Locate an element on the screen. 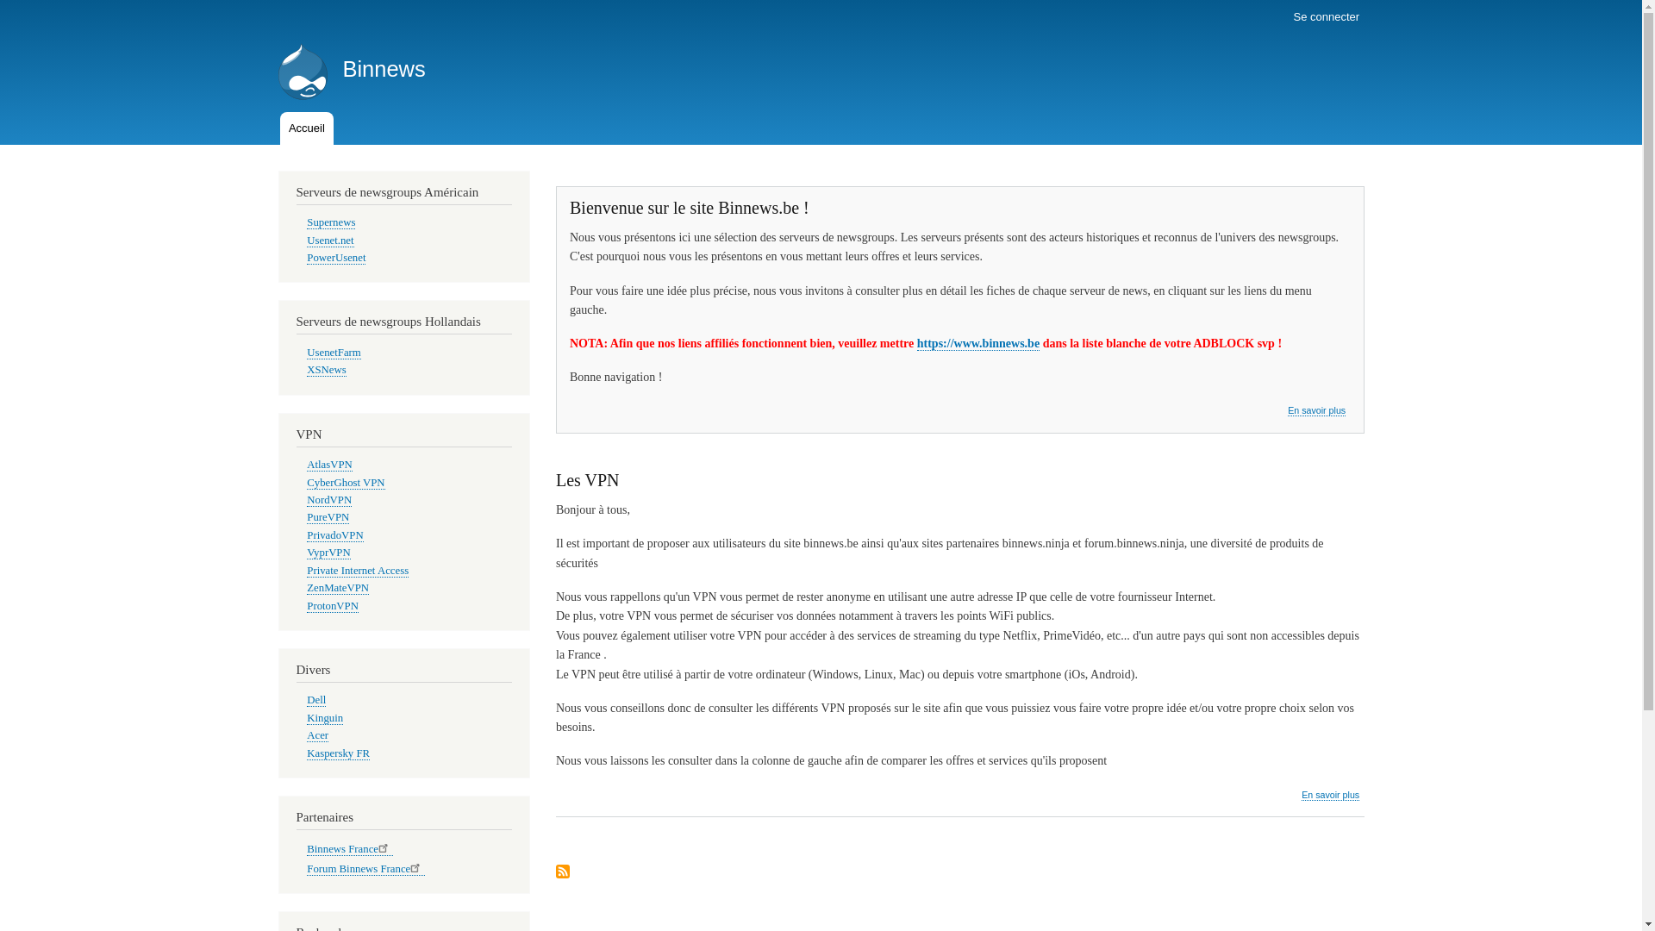 The width and height of the screenshot is (1655, 931). 'Binnews France(le lien est externe)' is located at coordinates (348, 848).